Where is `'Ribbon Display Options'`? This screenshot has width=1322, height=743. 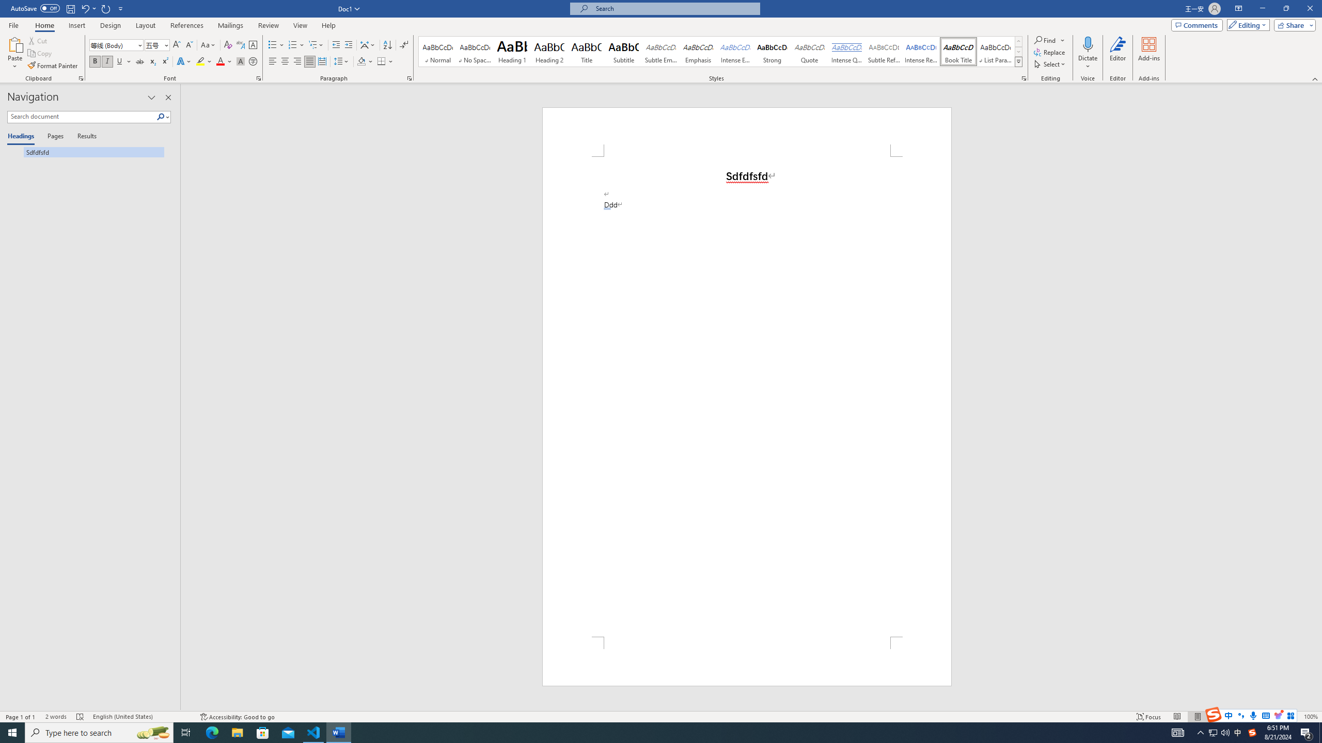 'Ribbon Display Options' is located at coordinates (1238, 8).